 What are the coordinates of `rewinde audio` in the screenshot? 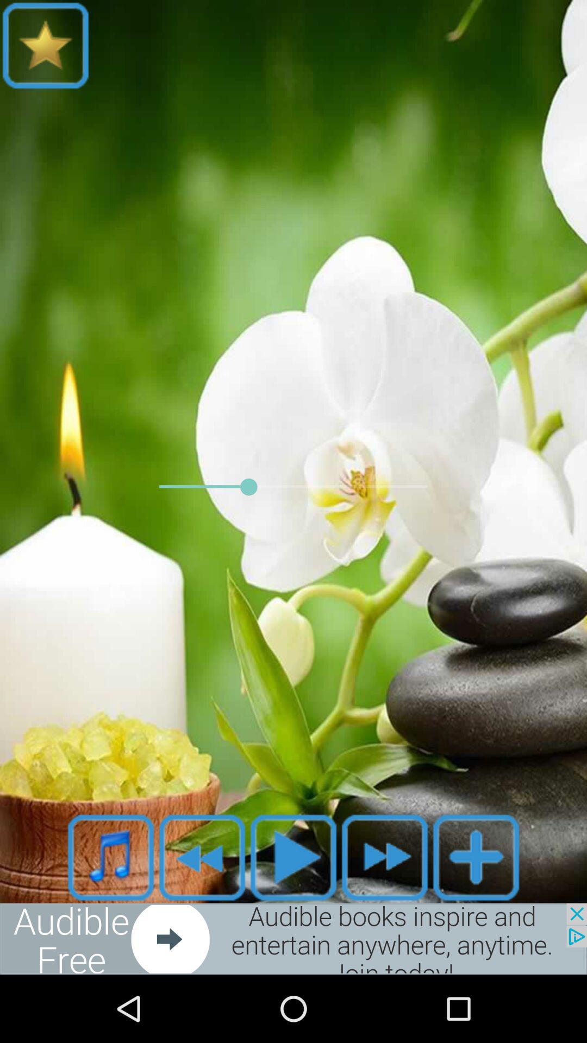 It's located at (202, 857).